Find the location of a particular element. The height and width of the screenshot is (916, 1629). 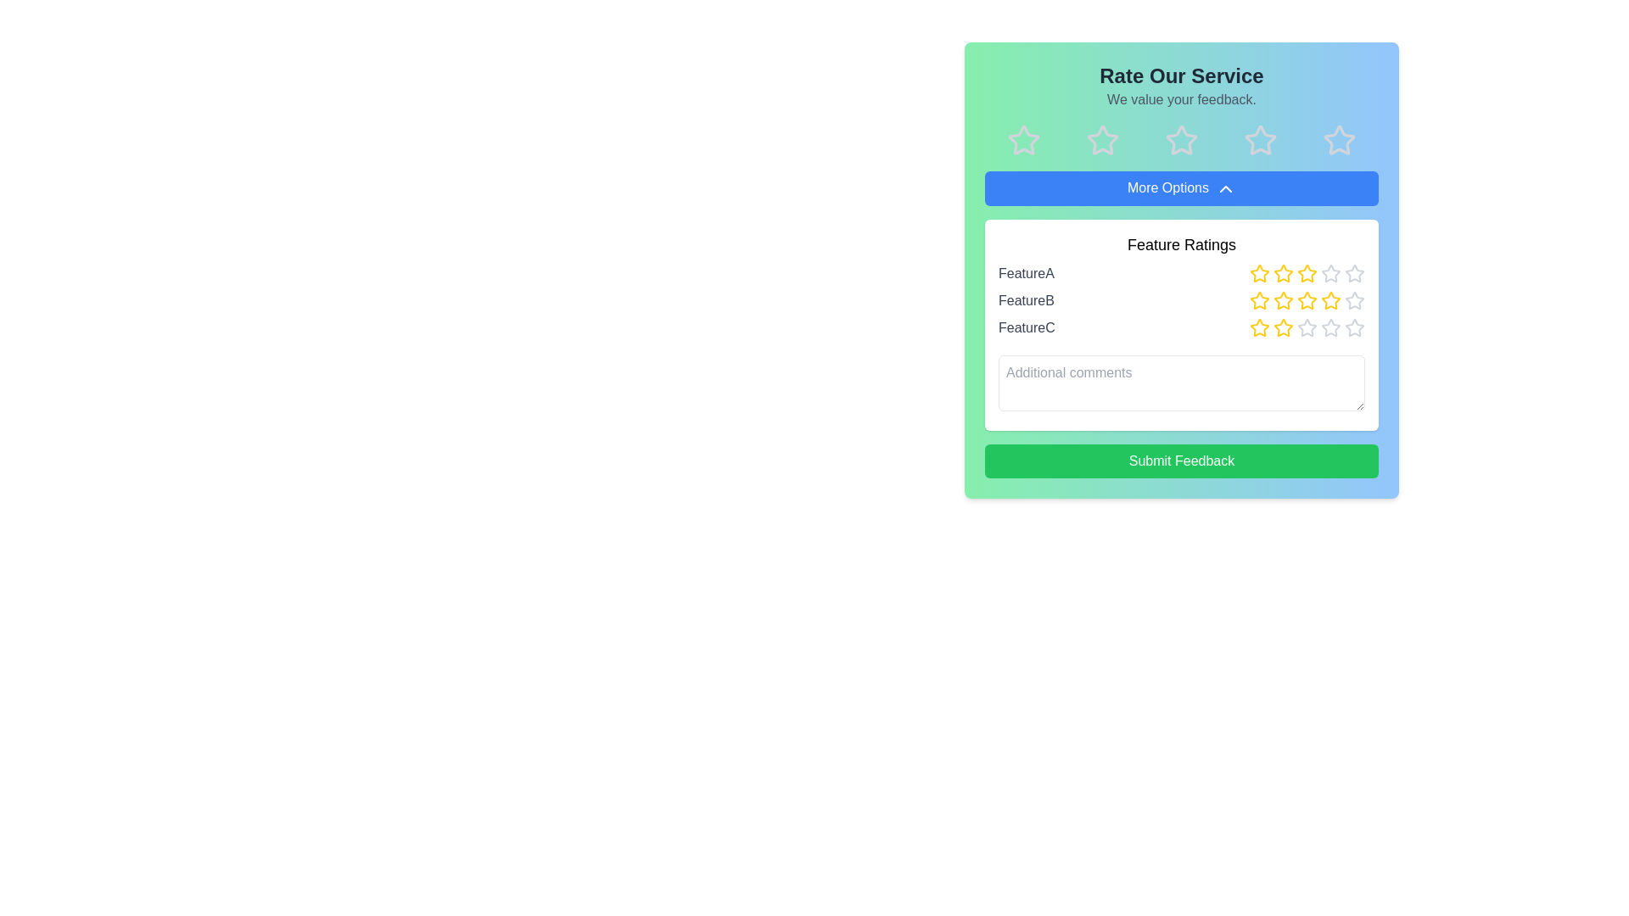

the third star in the horizontal row of five stars in the 'Feature Ratings' section is located at coordinates (1283, 271).